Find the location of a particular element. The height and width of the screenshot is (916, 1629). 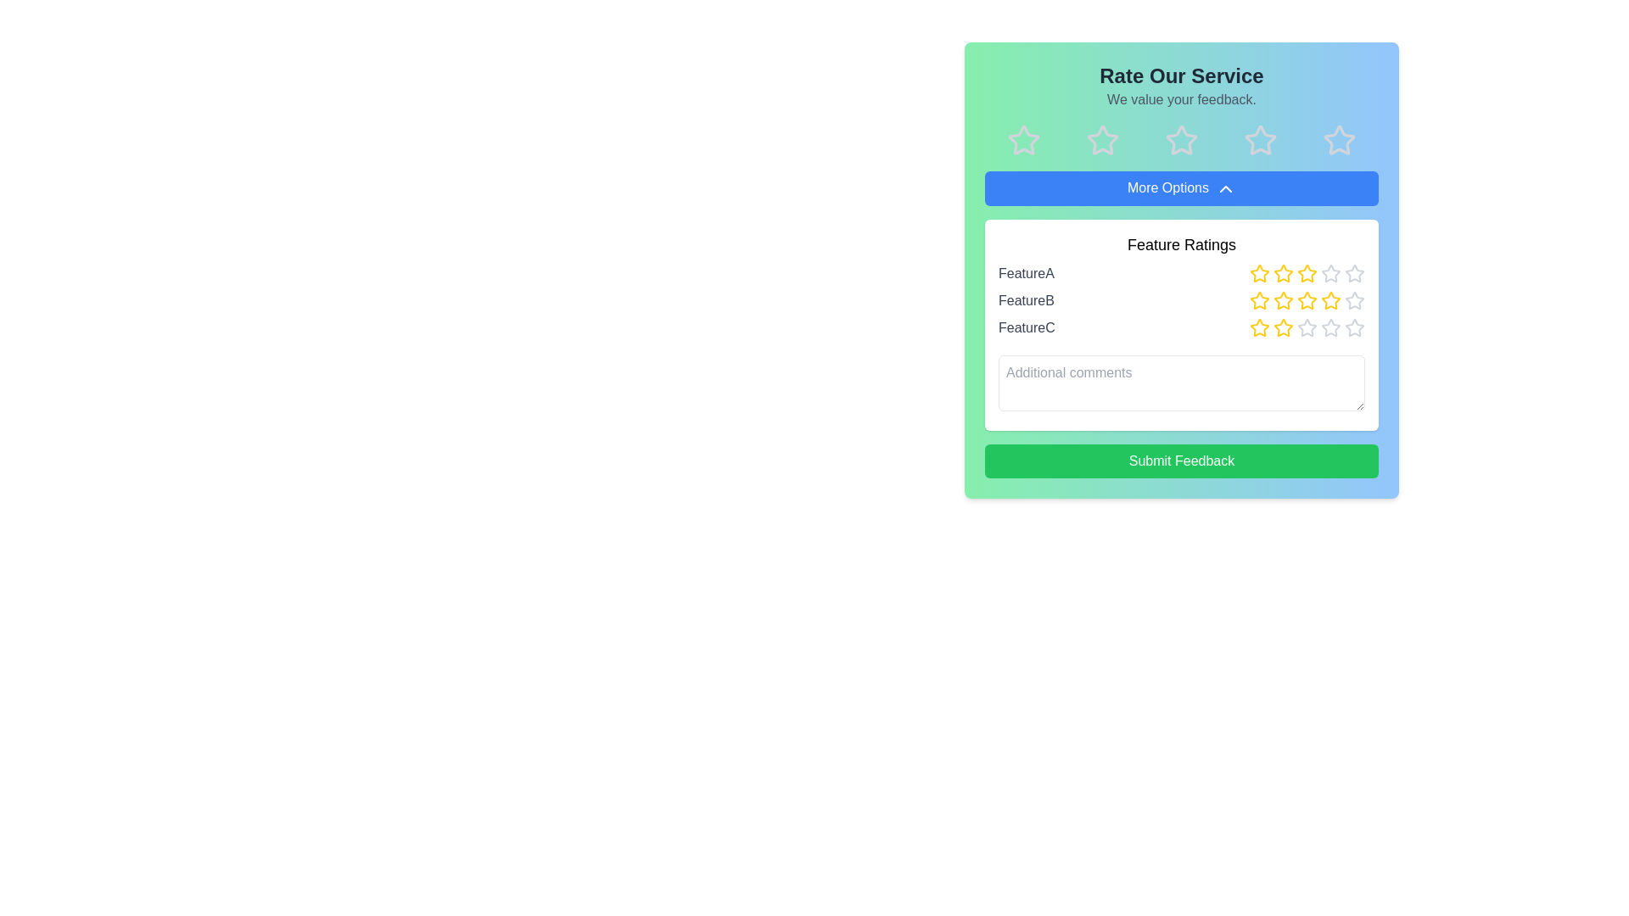

the third star in the horizontal row of five stars in the 'Feature Ratings' section is located at coordinates (1283, 271).